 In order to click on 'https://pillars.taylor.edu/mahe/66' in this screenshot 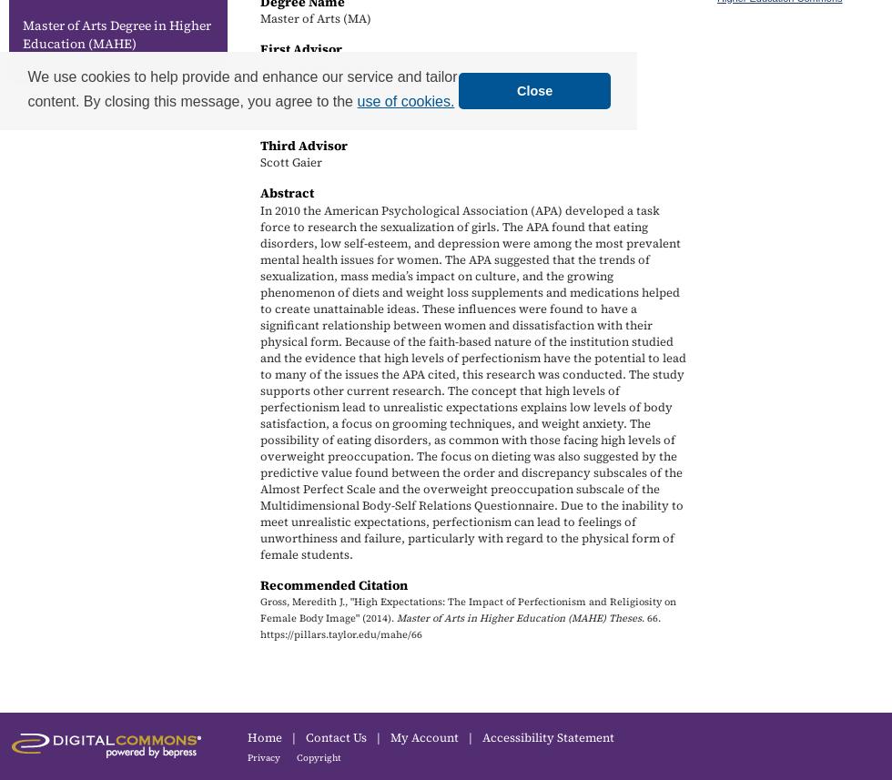, I will do `click(341, 633)`.